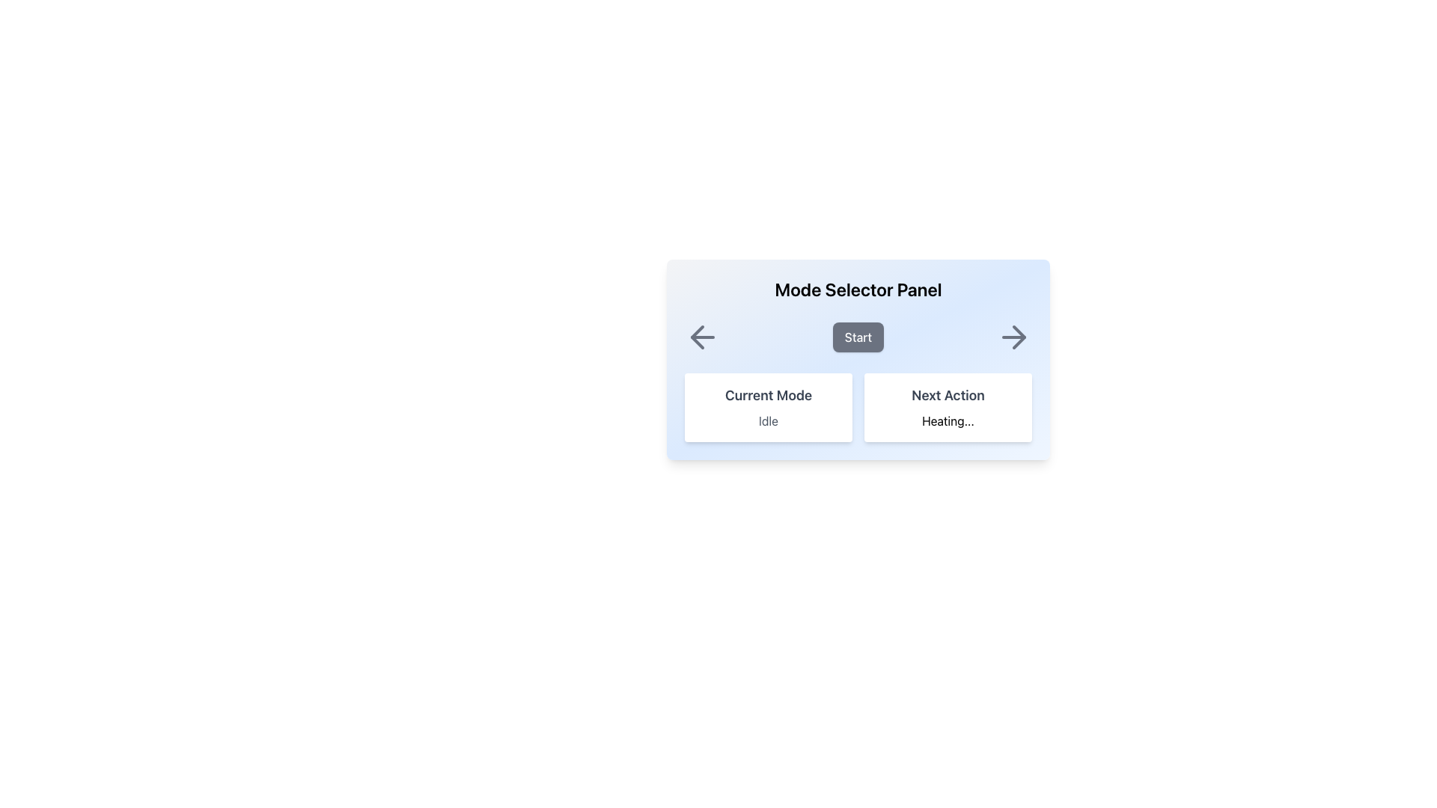 Image resolution: width=1437 pixels, height=808 pixels. What do you see at coordinates (858, 407) in the screenshot?
I see `displayed information from the Data Display Panel, which shows the current mode and next action of the system` at bounding box center [858, 407].